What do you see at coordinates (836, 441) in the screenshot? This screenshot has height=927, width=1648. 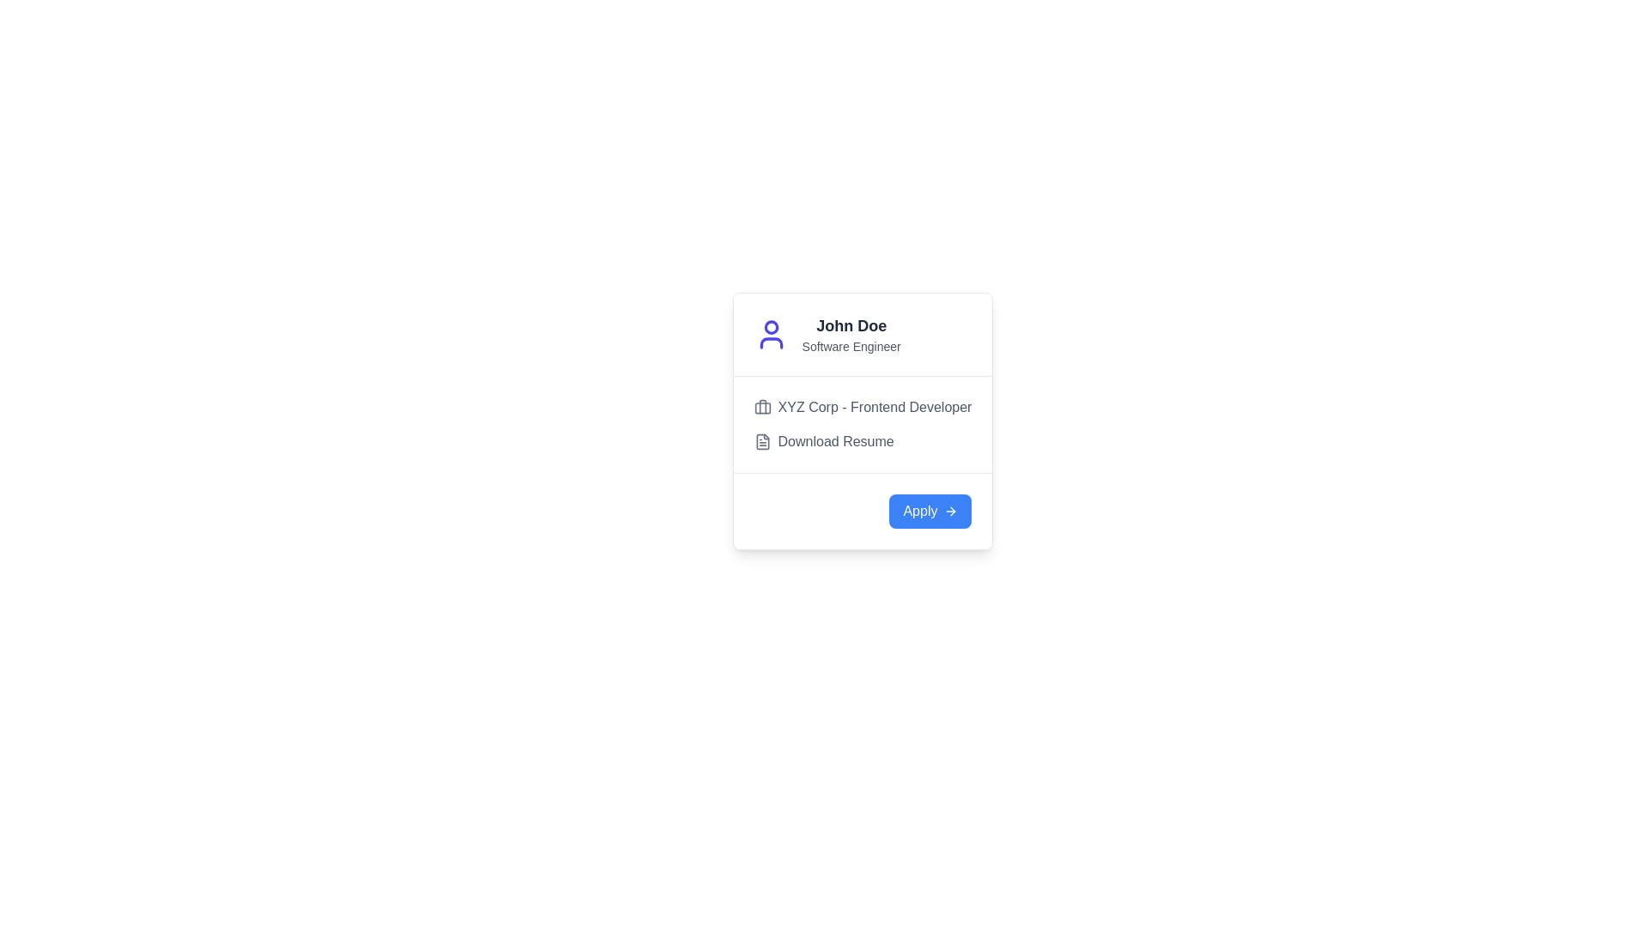 I see `the Text Label indicating the functionality of the associated downloadable resume, which is positioned under the job title and above the 'Apply' button` at bounding box center [836, 441].